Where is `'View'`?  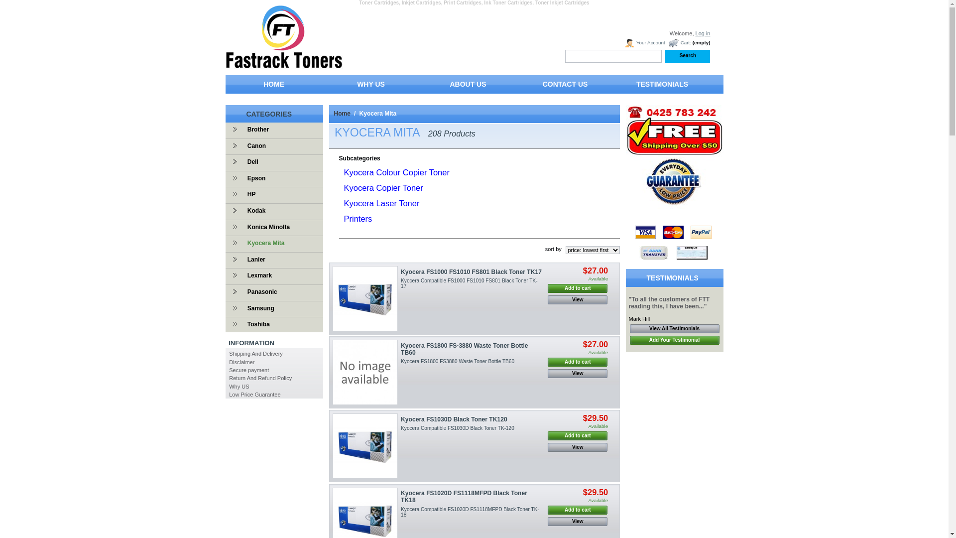 'View' is located at coordinates (578, 299).